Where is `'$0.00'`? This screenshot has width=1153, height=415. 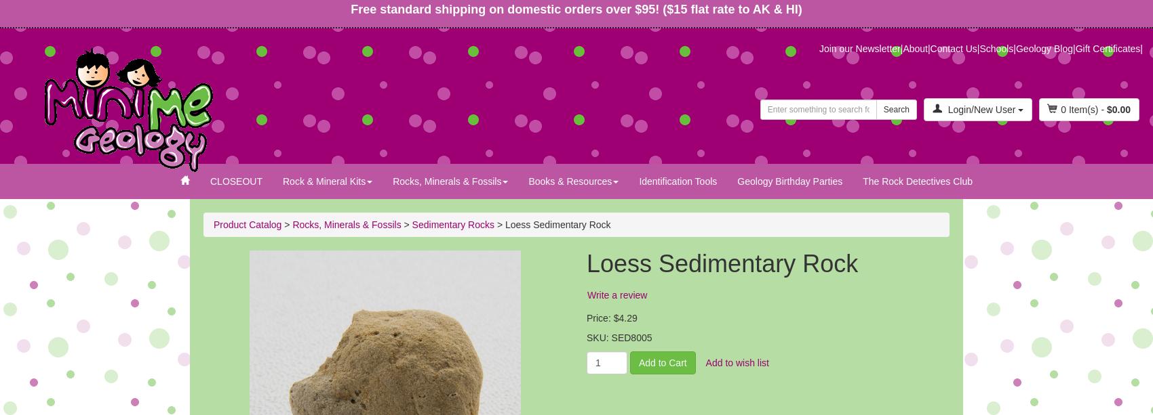 '$0.00' is located at coordinates (1118, 108).